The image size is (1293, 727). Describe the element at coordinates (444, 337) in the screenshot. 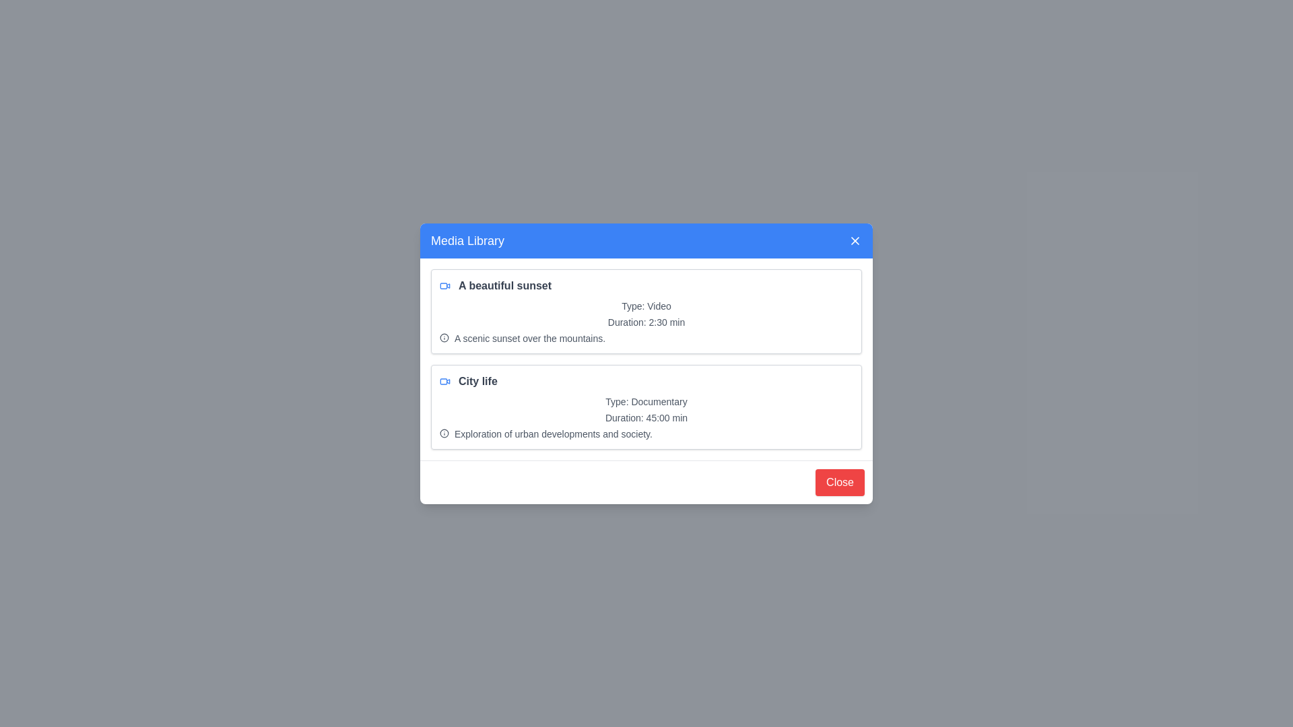

I see `the informational icon located to the left of the text 'A scenic sunset over the mountains.'` at that location.